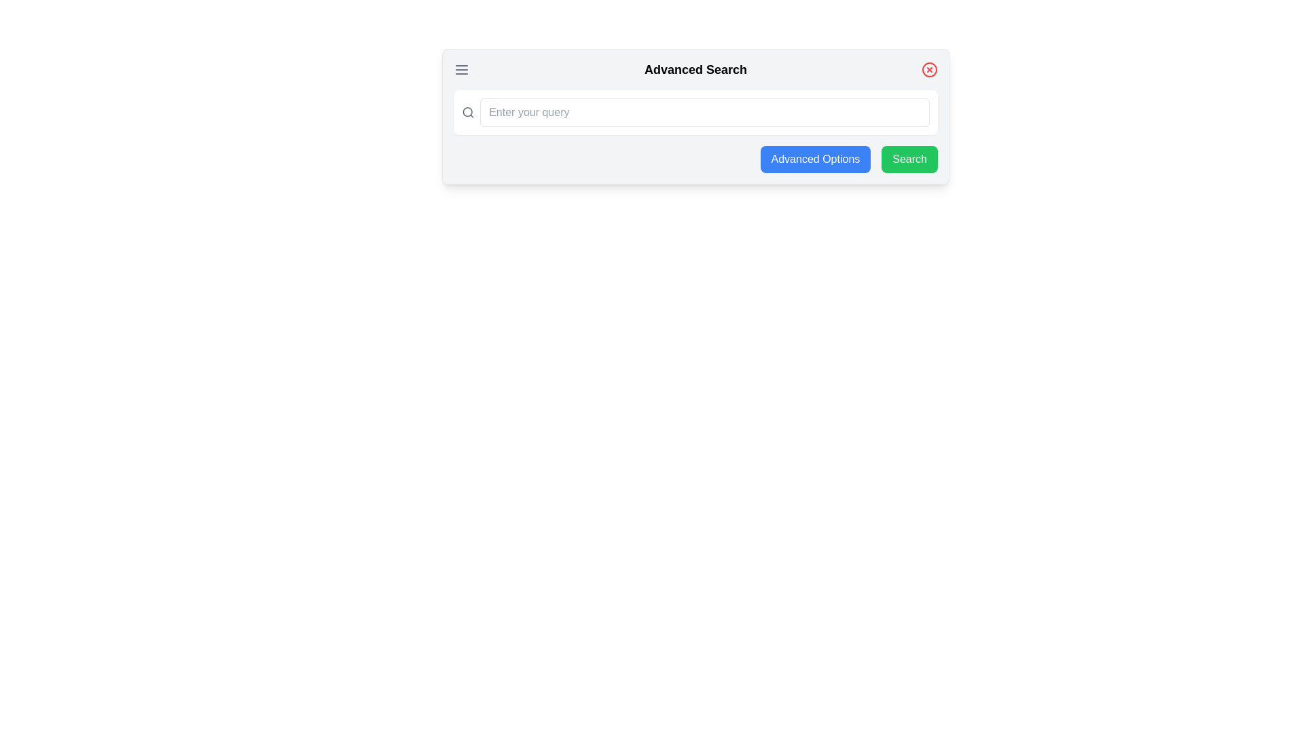 The image size is (1304, 733). Describe the element at coordinates (695, 70) in the screenshot. I see `the 'Advanced Search' header bar, which features a bold title, a menu icon on the left, and a red circular close button on the right` at that location.